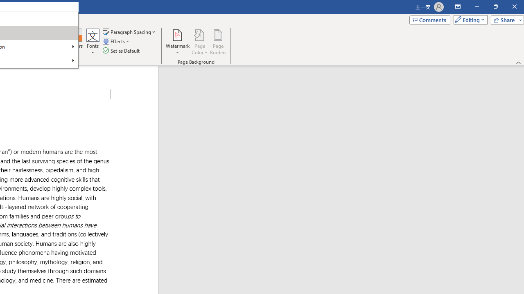 Image resolution: width=524 pixels, height=294 pixels. I want to click on 'Row Down', so click(62, 41).